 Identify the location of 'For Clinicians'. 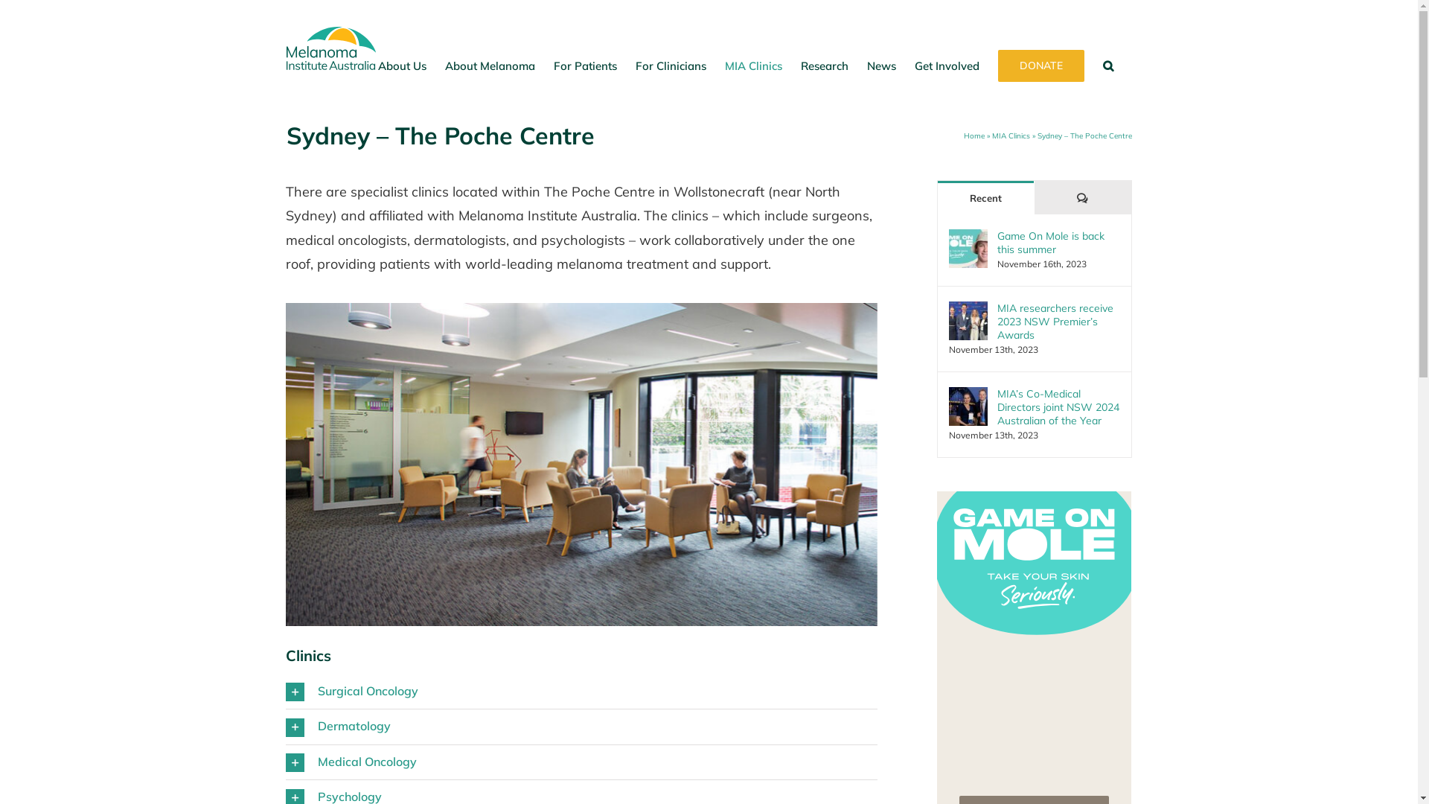
(670, 65).